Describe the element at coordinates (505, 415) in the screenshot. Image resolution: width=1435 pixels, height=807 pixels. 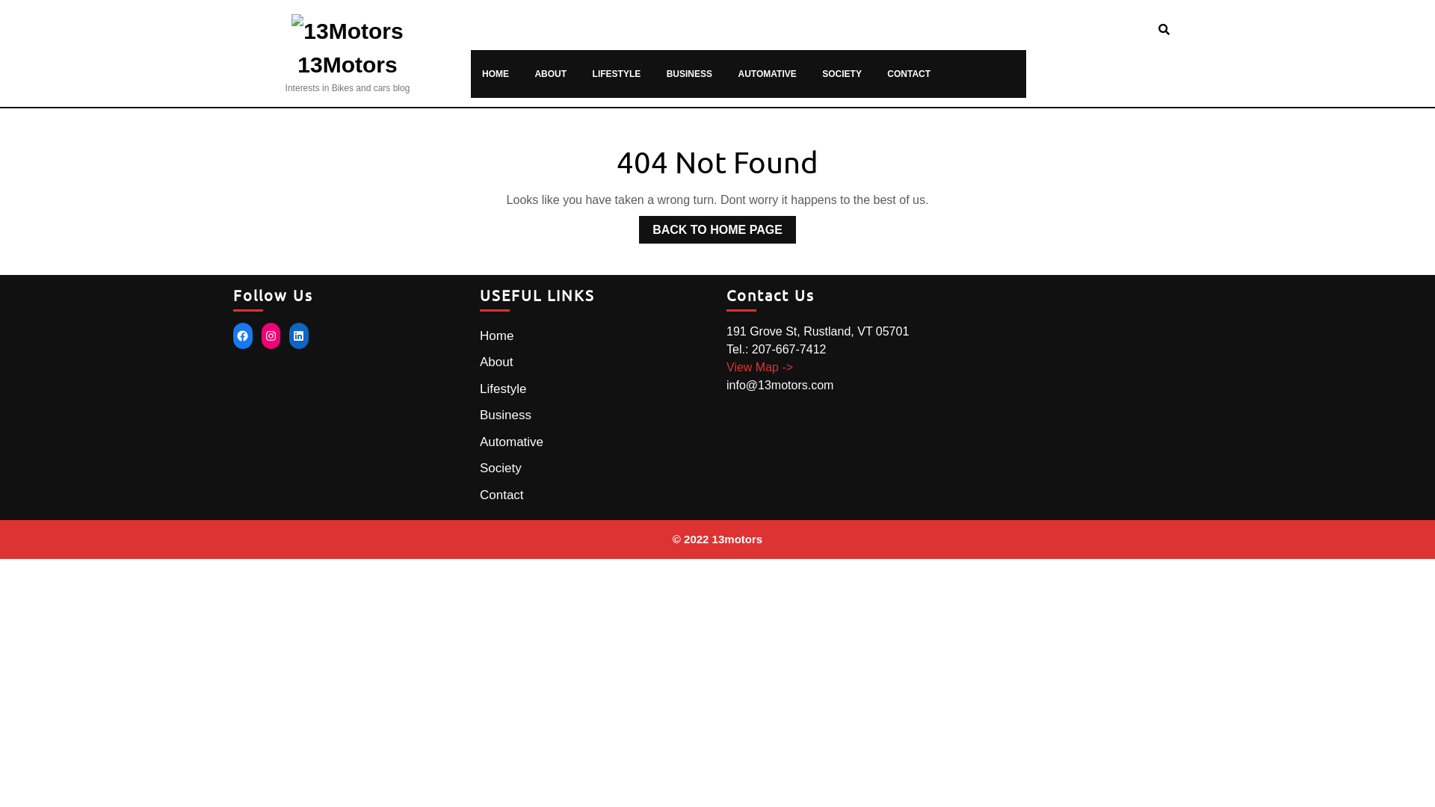
I see `'Business'` at that location.